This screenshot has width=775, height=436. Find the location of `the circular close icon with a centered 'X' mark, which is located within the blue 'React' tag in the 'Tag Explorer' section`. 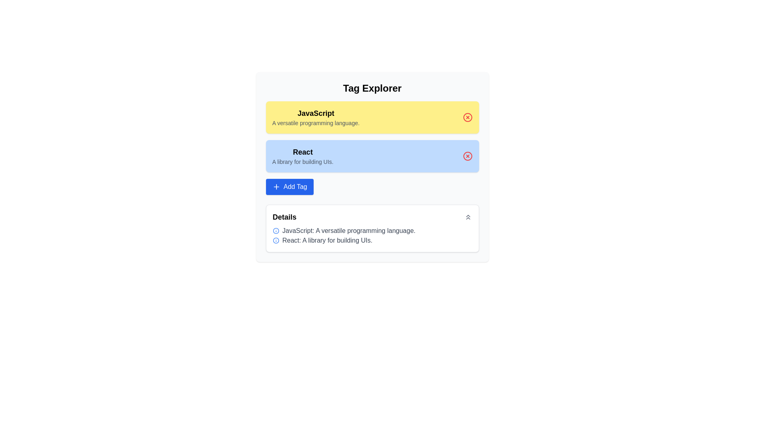

the circular close icon with a centered 'X' mark, which is located within the blue 'React' tag in the 'Tag Explorer' section is located at coordinates (467, 156).